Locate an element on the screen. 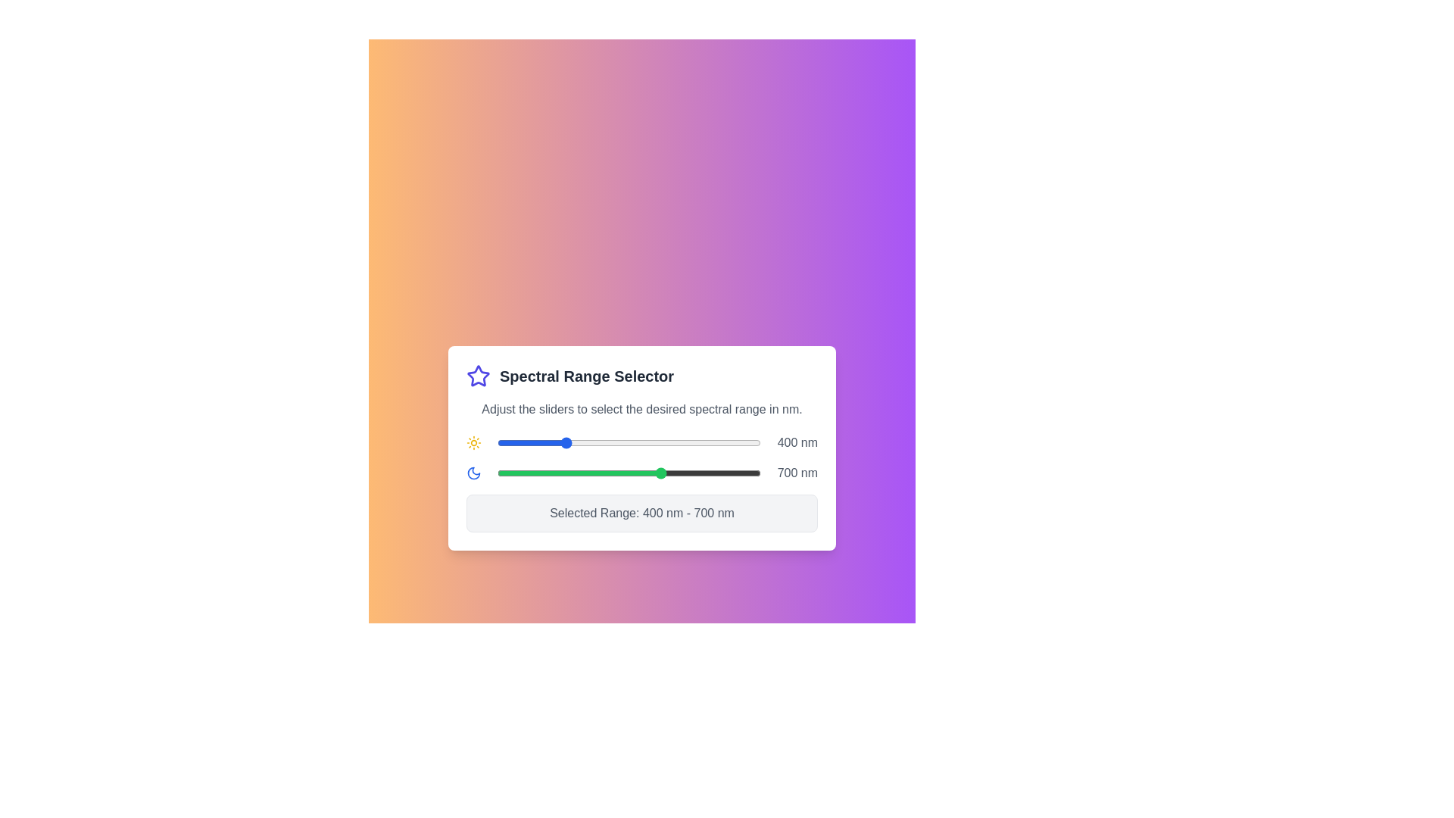 This screenshot has width=1454, height=818. the start slider to set the lower limit of the spectral range to 517 nm is located at coordinates (601, 443).